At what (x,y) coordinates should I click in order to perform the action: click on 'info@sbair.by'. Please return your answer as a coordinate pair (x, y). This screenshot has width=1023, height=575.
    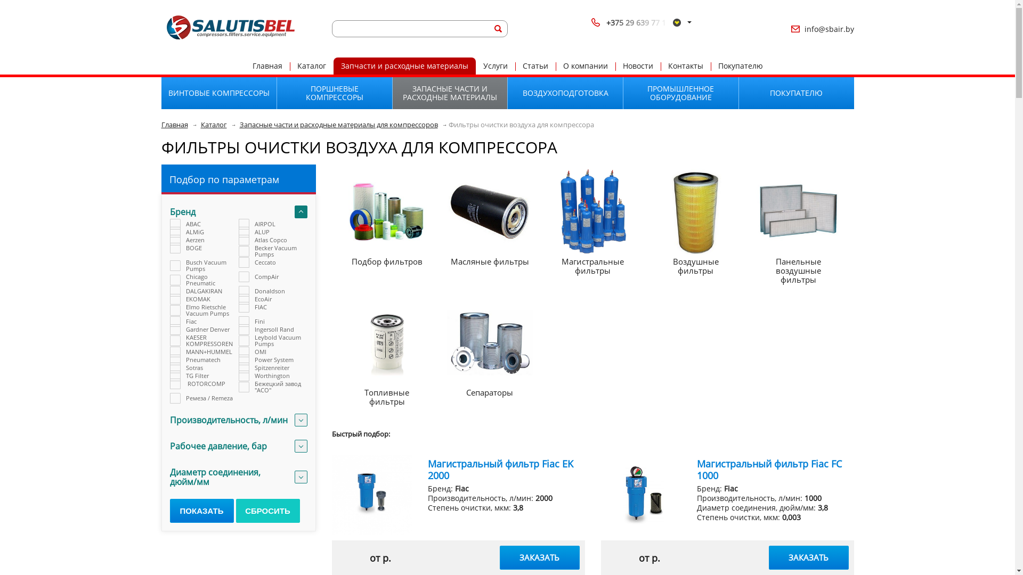
    Looking at the image, I should click on (829, 28).